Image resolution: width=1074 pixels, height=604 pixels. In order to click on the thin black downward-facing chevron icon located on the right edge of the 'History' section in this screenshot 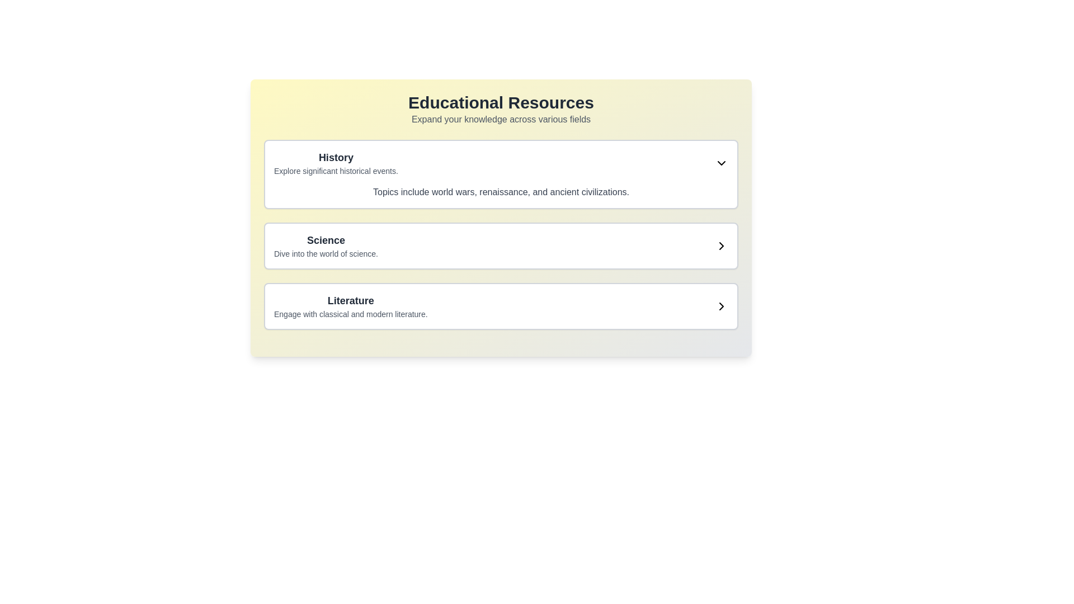, I will do `click(722, 163)`.